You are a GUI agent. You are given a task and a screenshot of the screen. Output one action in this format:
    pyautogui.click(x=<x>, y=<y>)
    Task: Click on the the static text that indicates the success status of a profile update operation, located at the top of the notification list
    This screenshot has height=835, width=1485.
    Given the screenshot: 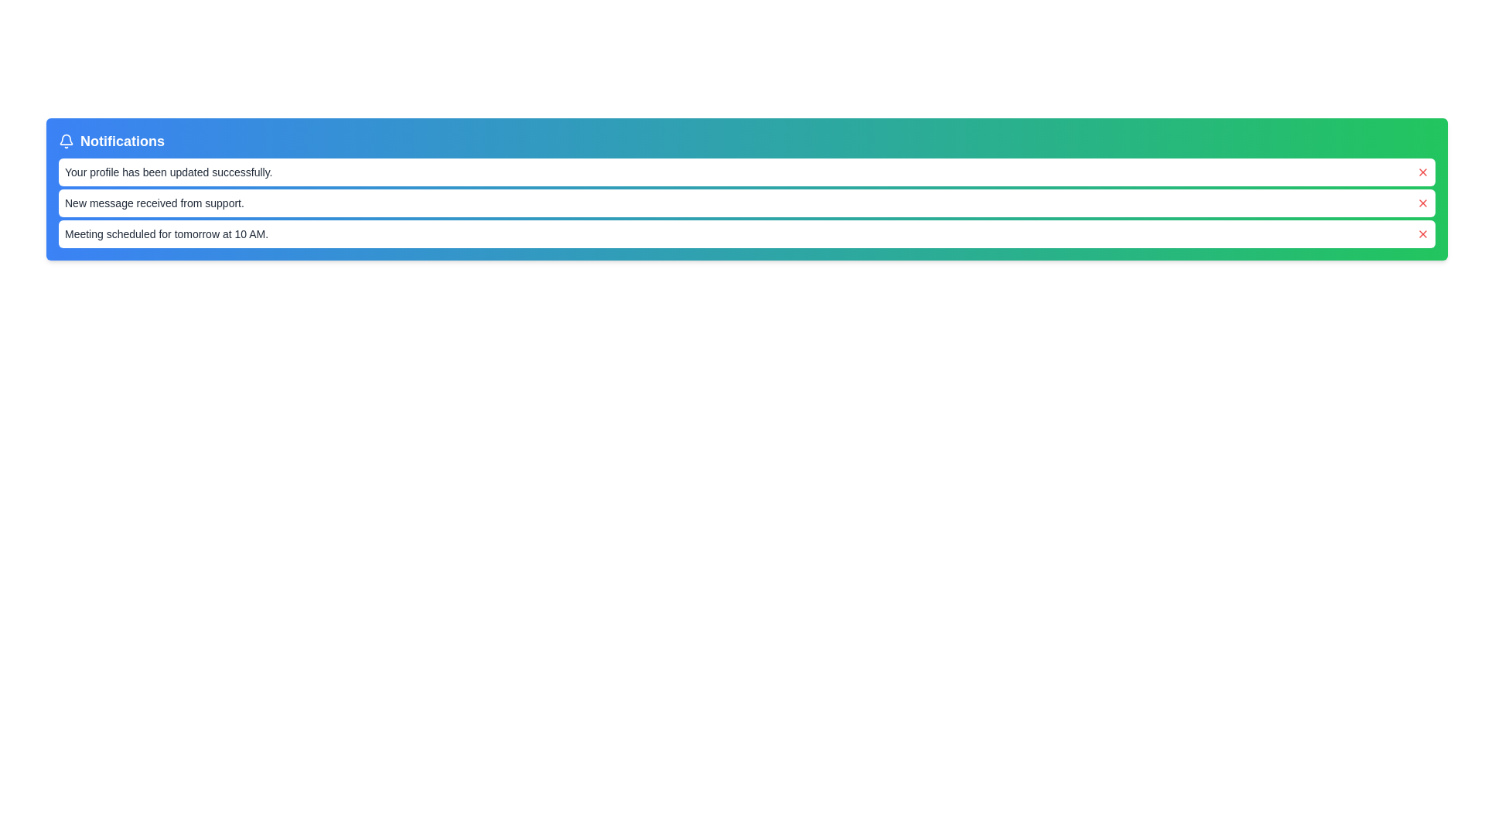 What is the action you would take?
    pyautogui.click(x=169, y=172)
    